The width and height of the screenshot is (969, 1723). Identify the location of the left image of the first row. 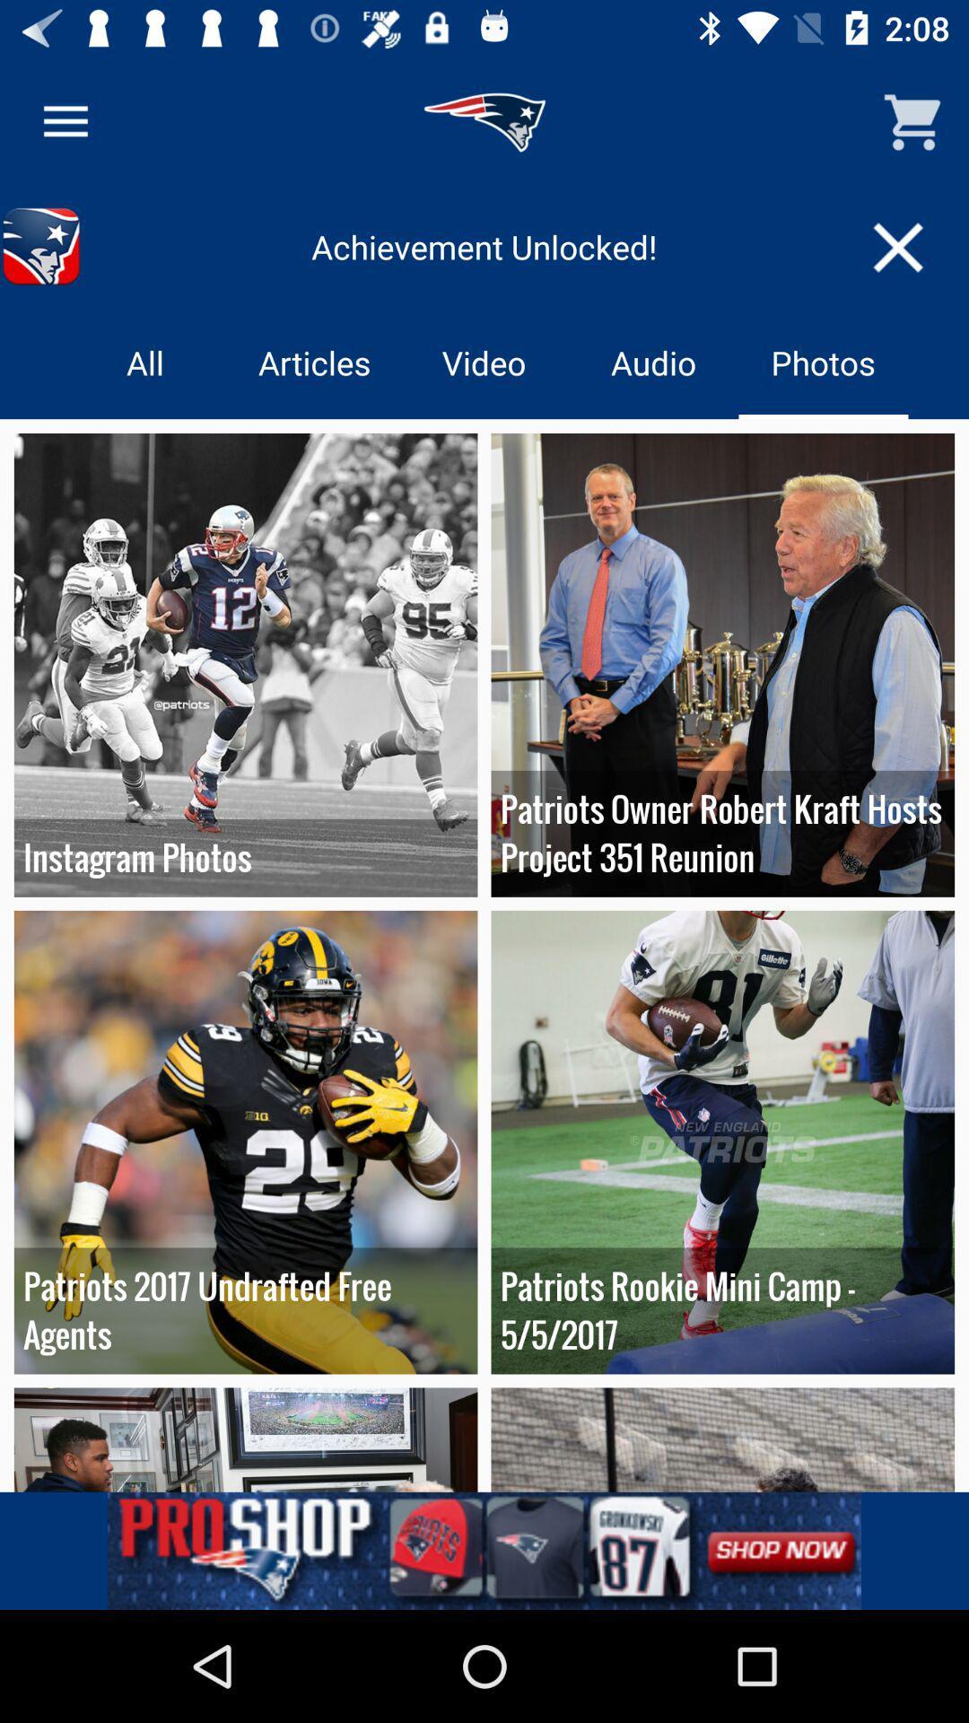
(246, 664).